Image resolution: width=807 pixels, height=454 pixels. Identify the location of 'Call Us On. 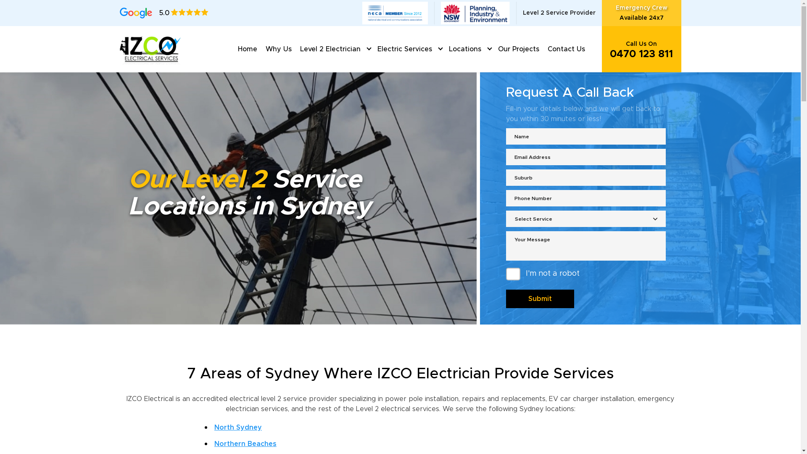
(641, 49).